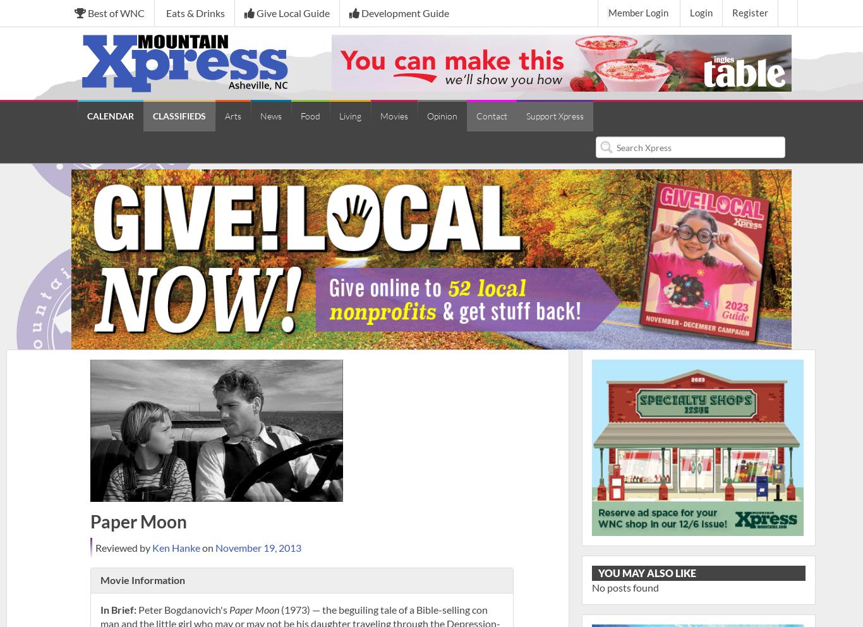  I want to click on 'CLASSIFIEDS', so click(179, 115).